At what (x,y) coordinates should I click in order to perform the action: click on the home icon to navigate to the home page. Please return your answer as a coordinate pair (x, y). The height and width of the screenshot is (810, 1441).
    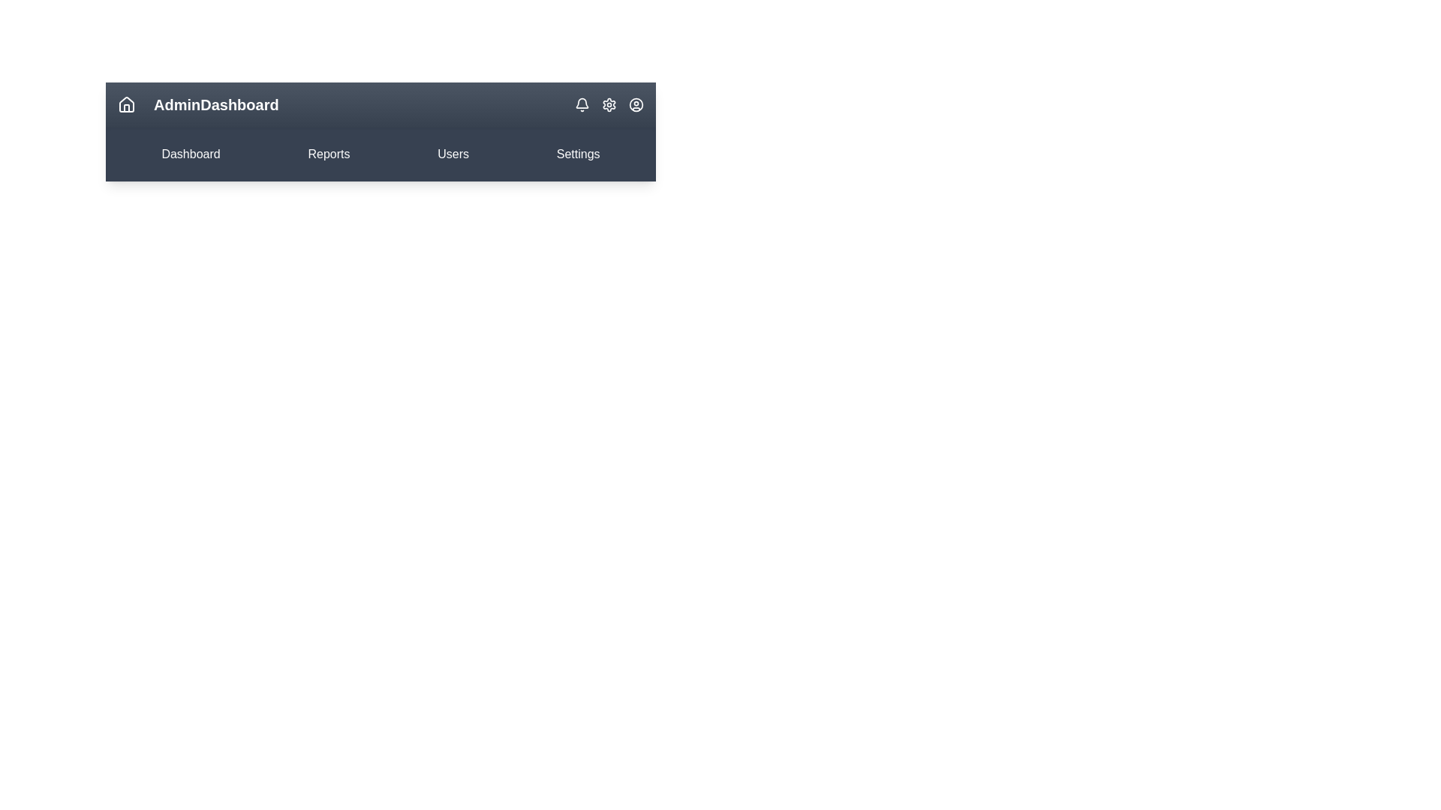
    Looking at the image, I should click on (126, 103).